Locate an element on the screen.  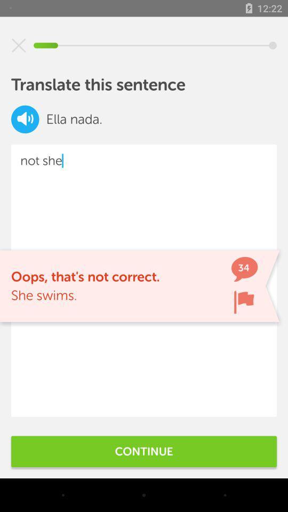
item above the not she item is located at coordinates (25, 119).